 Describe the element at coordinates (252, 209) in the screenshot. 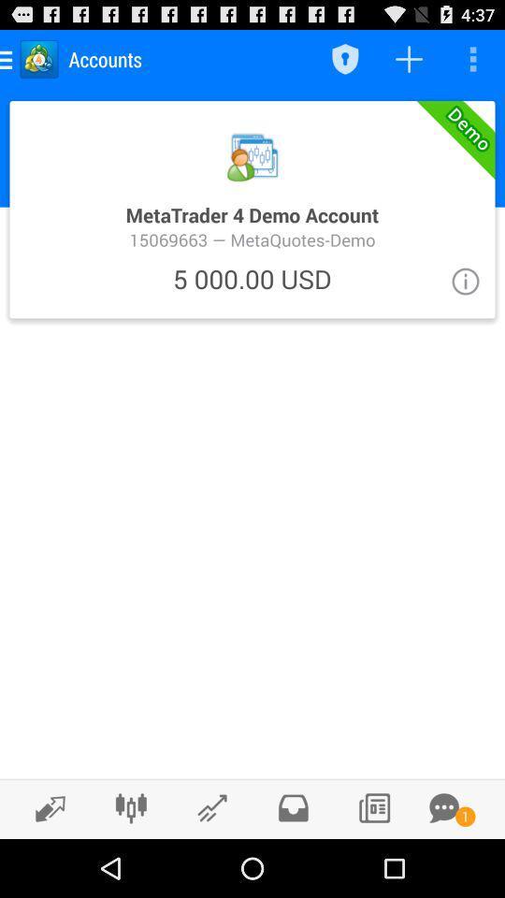

I see `click on the demo` at that location.